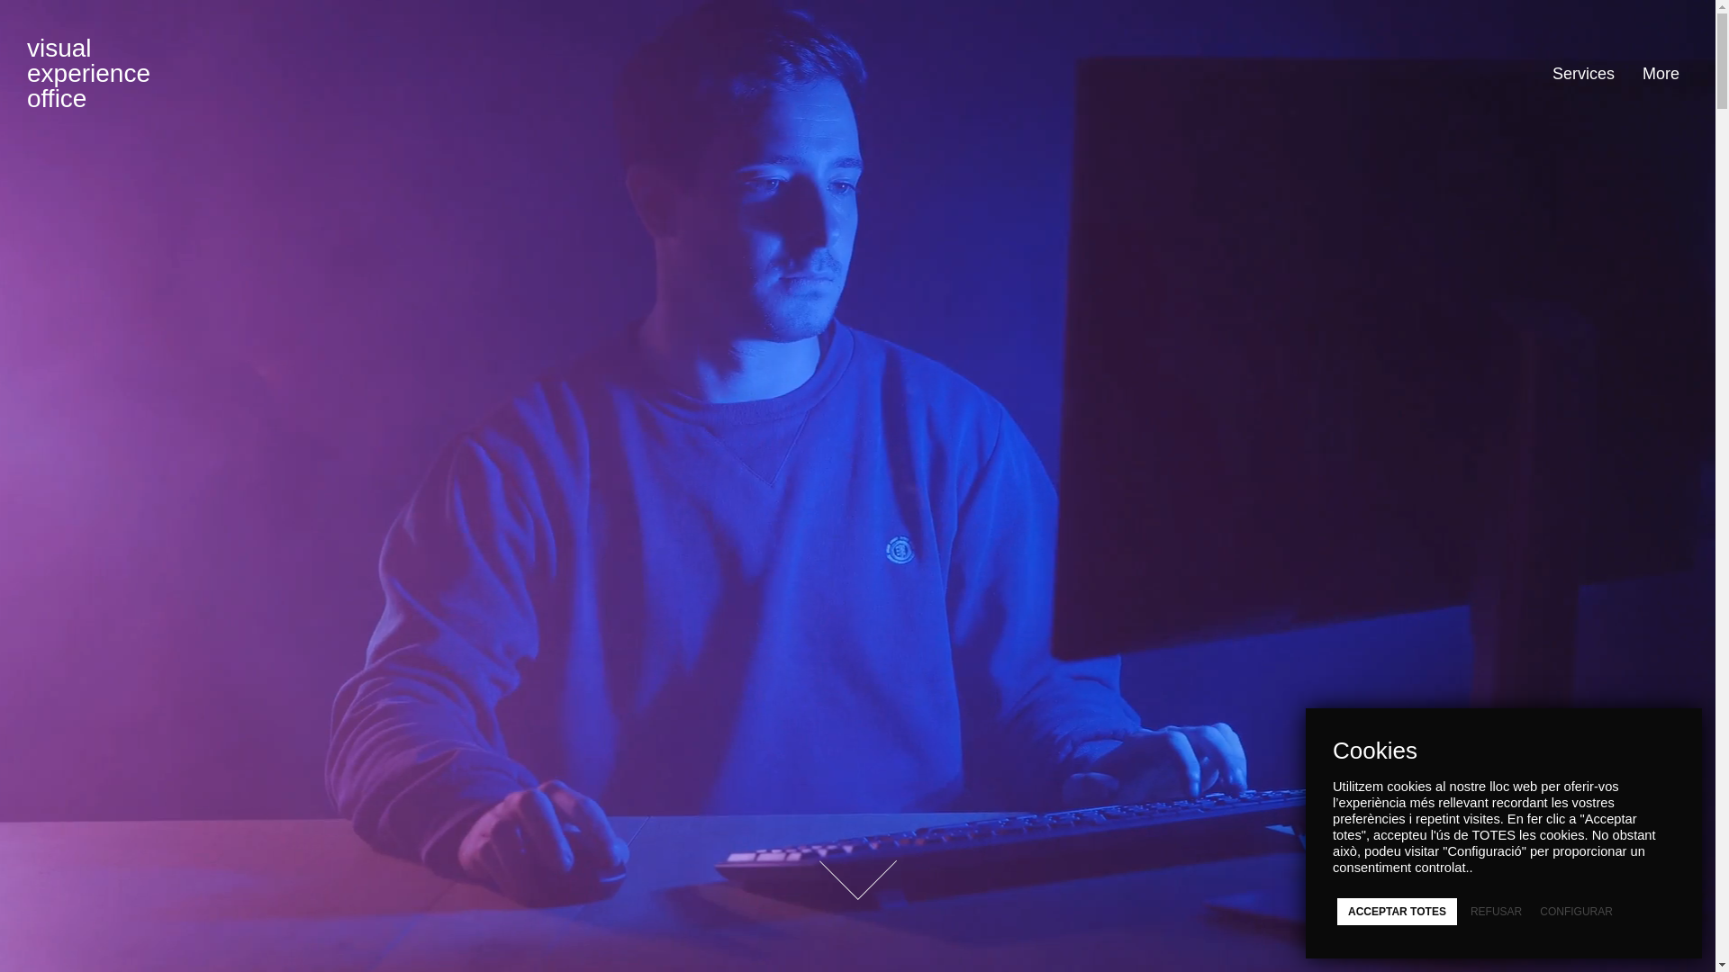 Image resolution: width=1729 pixels, height=972 pixels. What do you see at coordinates (1537, 72) in the screenshot?
I see `'Services'` at bounding box center [1537, 72].